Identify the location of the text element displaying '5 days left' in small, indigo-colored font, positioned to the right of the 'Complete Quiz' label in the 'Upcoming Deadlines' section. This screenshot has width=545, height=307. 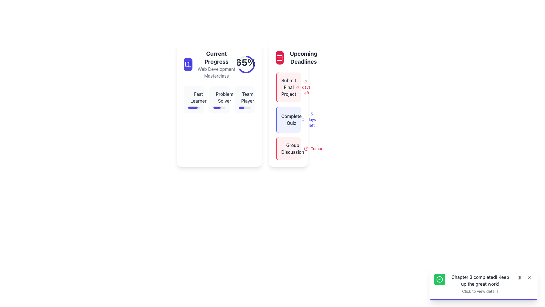
(311, 119).